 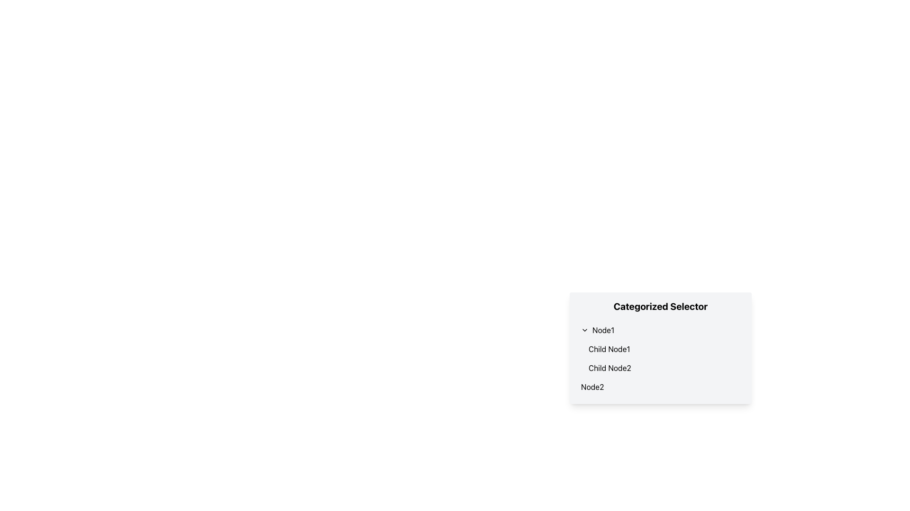 I want to click on the Toggleable list item labeled 'Node1', so click(x=660, y=330).